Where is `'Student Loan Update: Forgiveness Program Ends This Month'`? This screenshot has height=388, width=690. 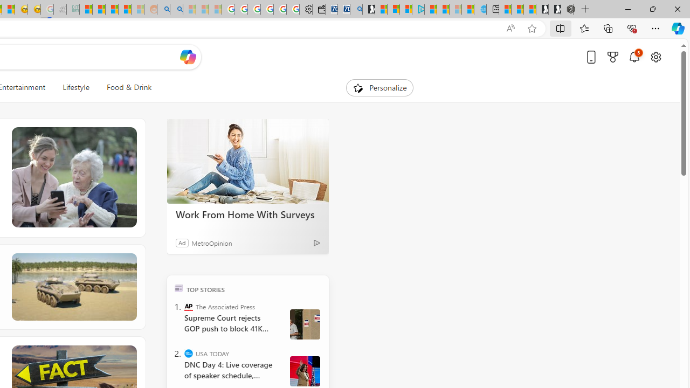
'Student Loan Update: Forgiveness Program Ends This Month' is located at coordinates (125, 9).